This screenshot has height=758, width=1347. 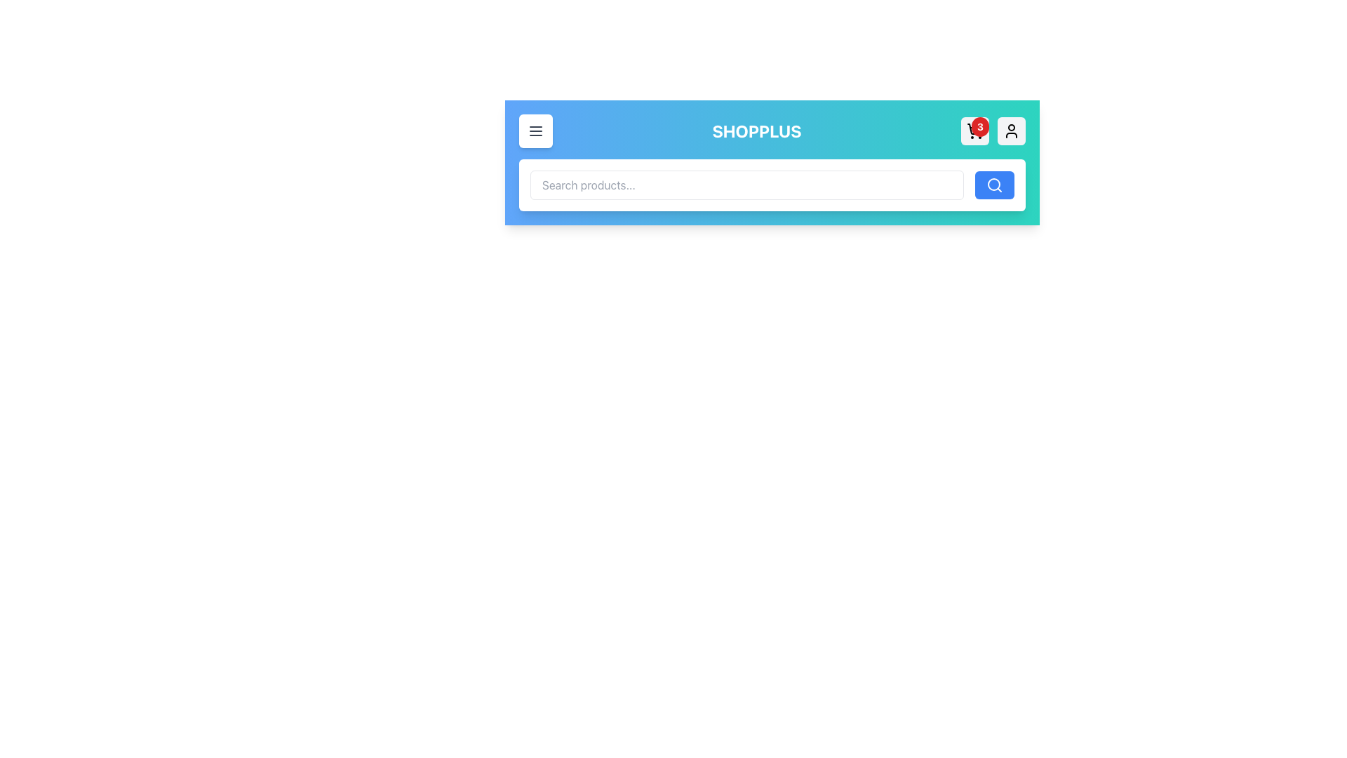 What do you see at coordinates (993, 184) in the screenshot?
I see `the magnifying glass icon button located at the right end of the search bar` at bounding box center [993, 184].